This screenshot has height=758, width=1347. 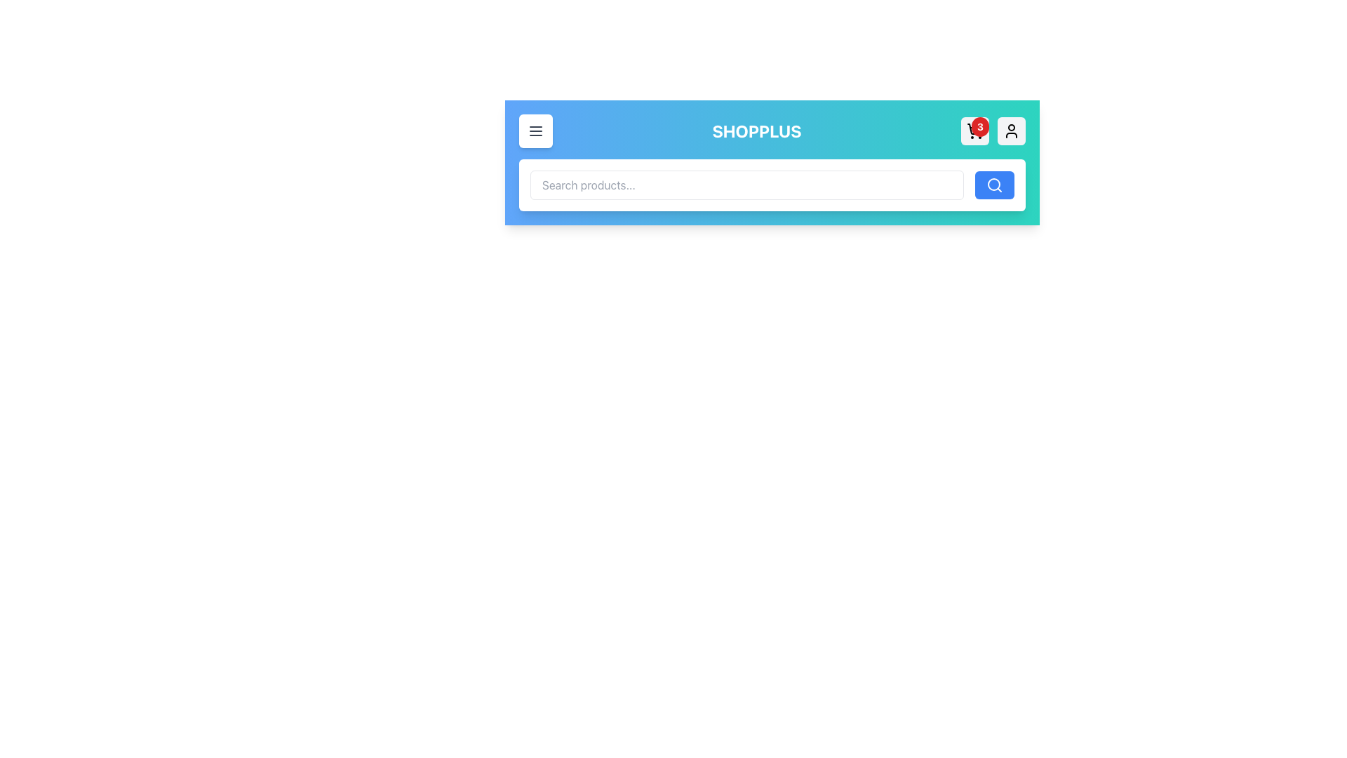 What do you see at coordinates (993, 184) in the screenshot?
I see `the magnifying glass icon button located at the right end of the search bar` at bounding box center [993, 184].